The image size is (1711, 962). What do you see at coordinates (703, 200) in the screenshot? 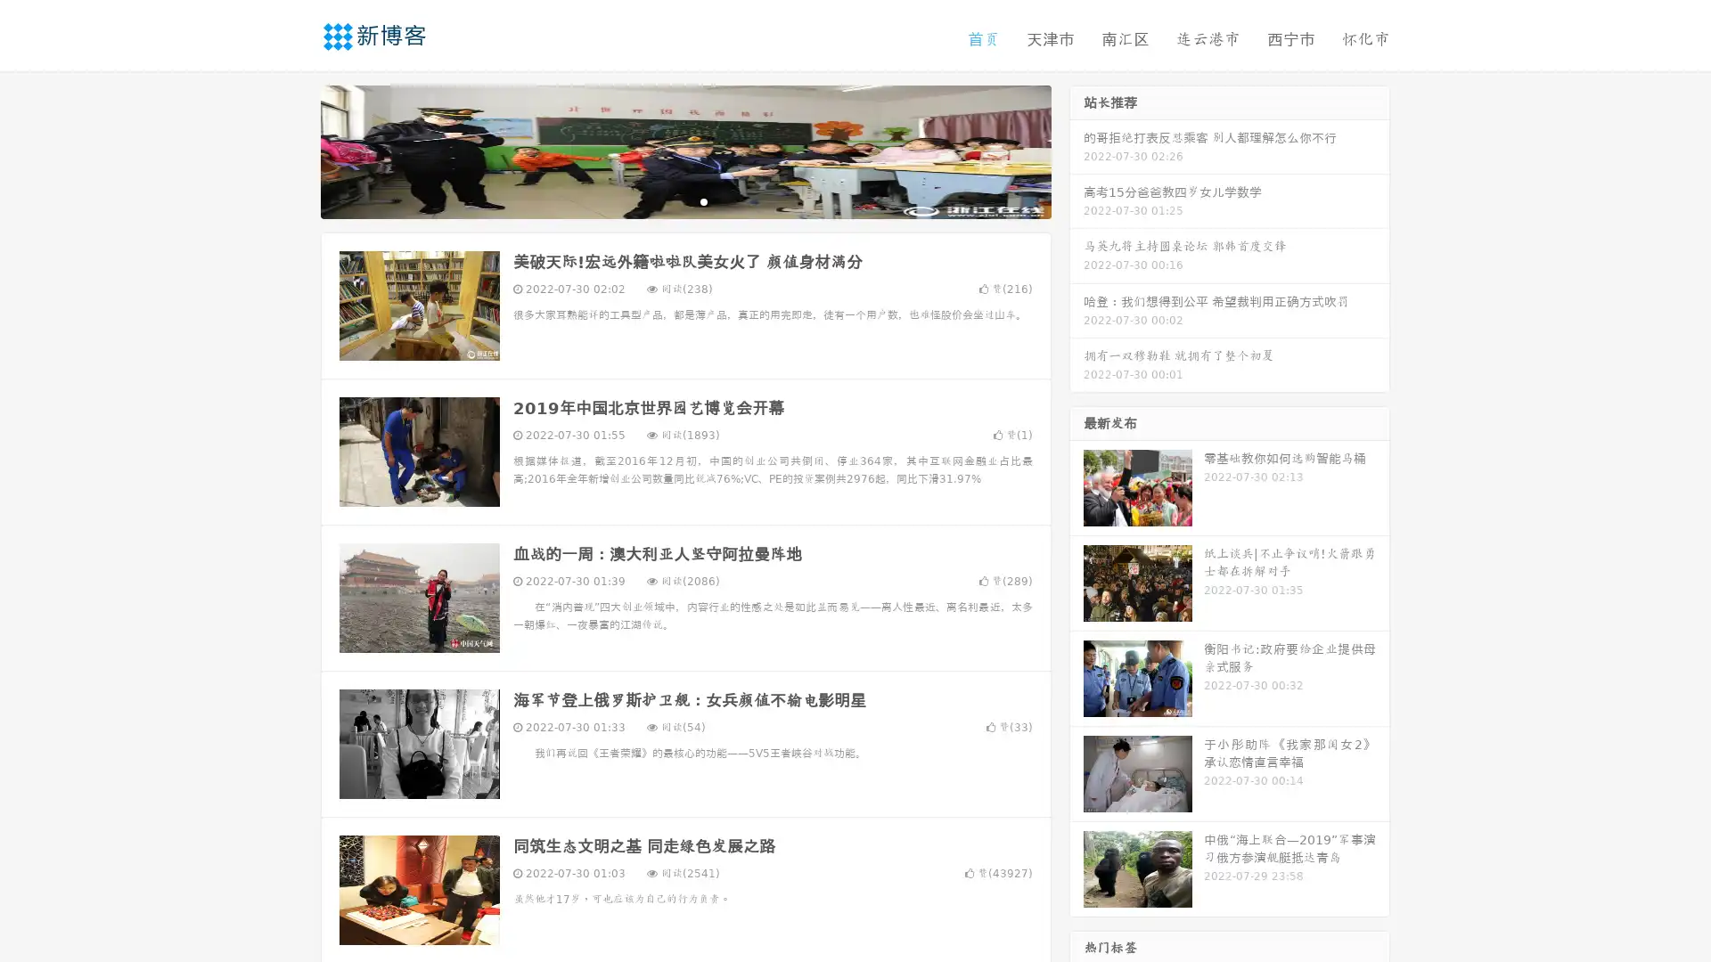
I see `Go to slide 3` at bounding box center [703, 200].